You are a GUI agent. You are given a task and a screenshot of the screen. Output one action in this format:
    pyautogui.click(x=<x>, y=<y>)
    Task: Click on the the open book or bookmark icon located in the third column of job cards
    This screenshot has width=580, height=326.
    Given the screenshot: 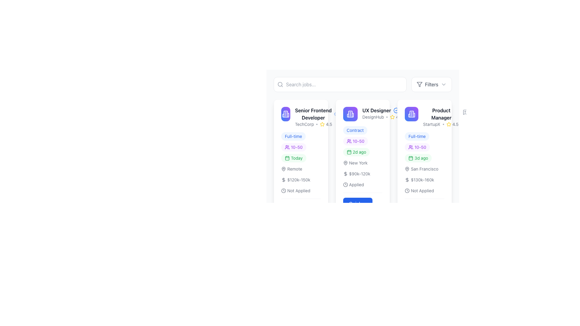 What is the action you would take?
    pyautogui.click(x=408, y=112)
    